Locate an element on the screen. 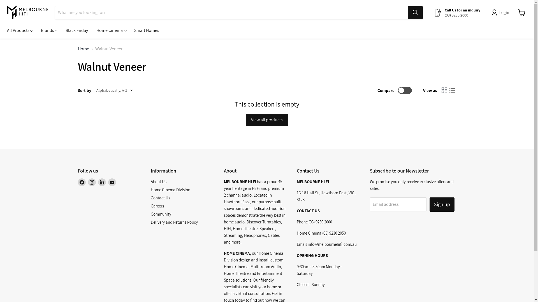 This screenshot has width=538, height=302. 'About Us' is located at coordinates (158, 181).